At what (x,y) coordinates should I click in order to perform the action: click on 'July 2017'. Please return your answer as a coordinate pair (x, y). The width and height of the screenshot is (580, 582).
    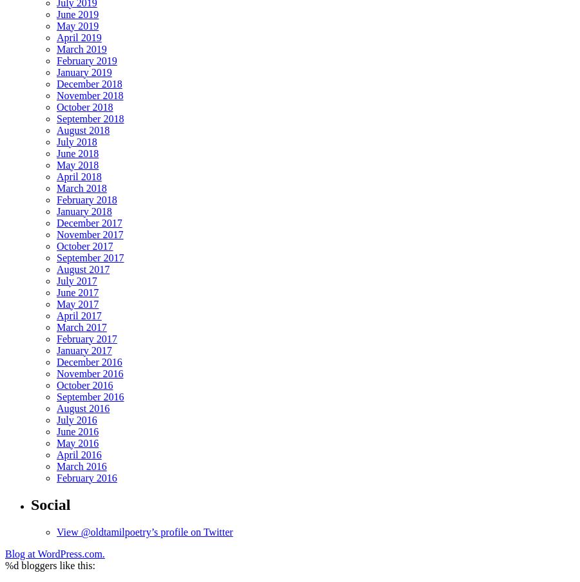
    Looking at the image, I should click on (56, 280).